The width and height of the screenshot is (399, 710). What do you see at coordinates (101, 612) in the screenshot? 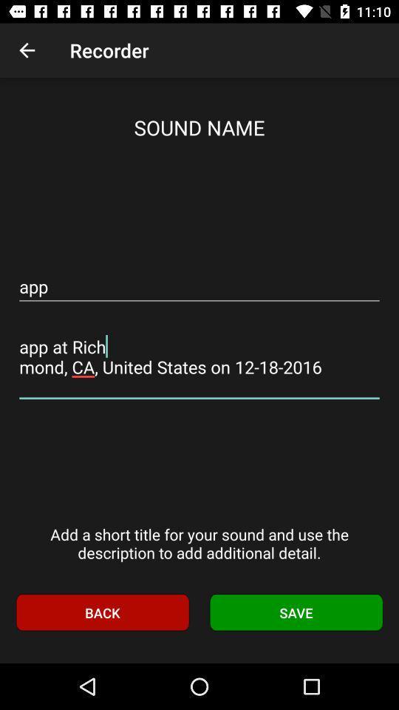
I see `icon below add a short icon` at bounding box center [101, 612].